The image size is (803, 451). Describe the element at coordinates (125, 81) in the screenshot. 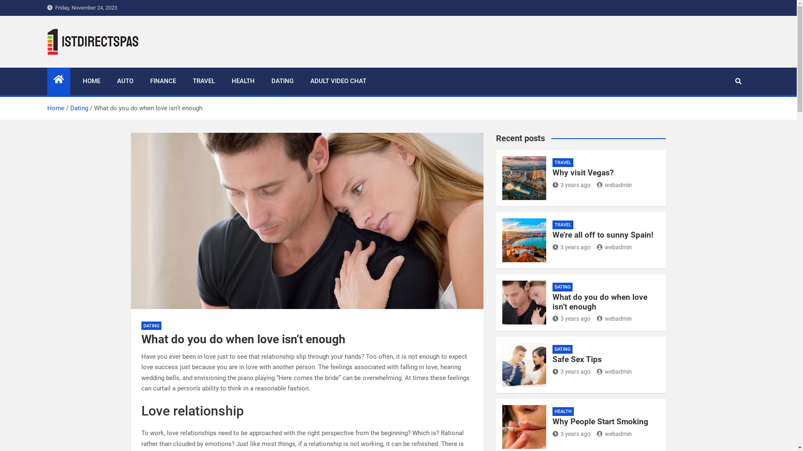

I see `'AUTO'` at that location.